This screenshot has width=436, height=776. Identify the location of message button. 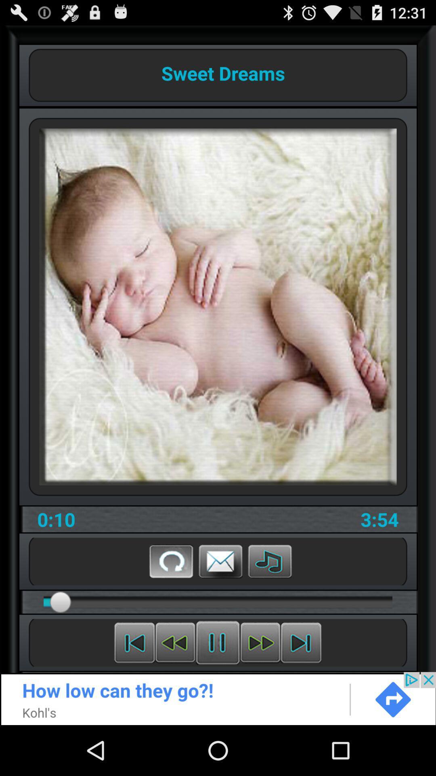
(220, 561).